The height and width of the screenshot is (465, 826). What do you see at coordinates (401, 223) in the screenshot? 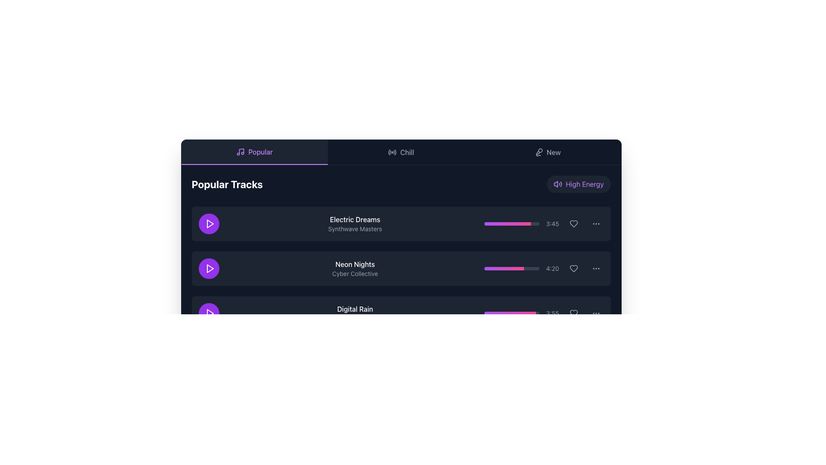
I see `the music track titled 'Electric Dreams' by clicking on the track list item located second from the top in the playlist interface` at bounding box center [401, 223].